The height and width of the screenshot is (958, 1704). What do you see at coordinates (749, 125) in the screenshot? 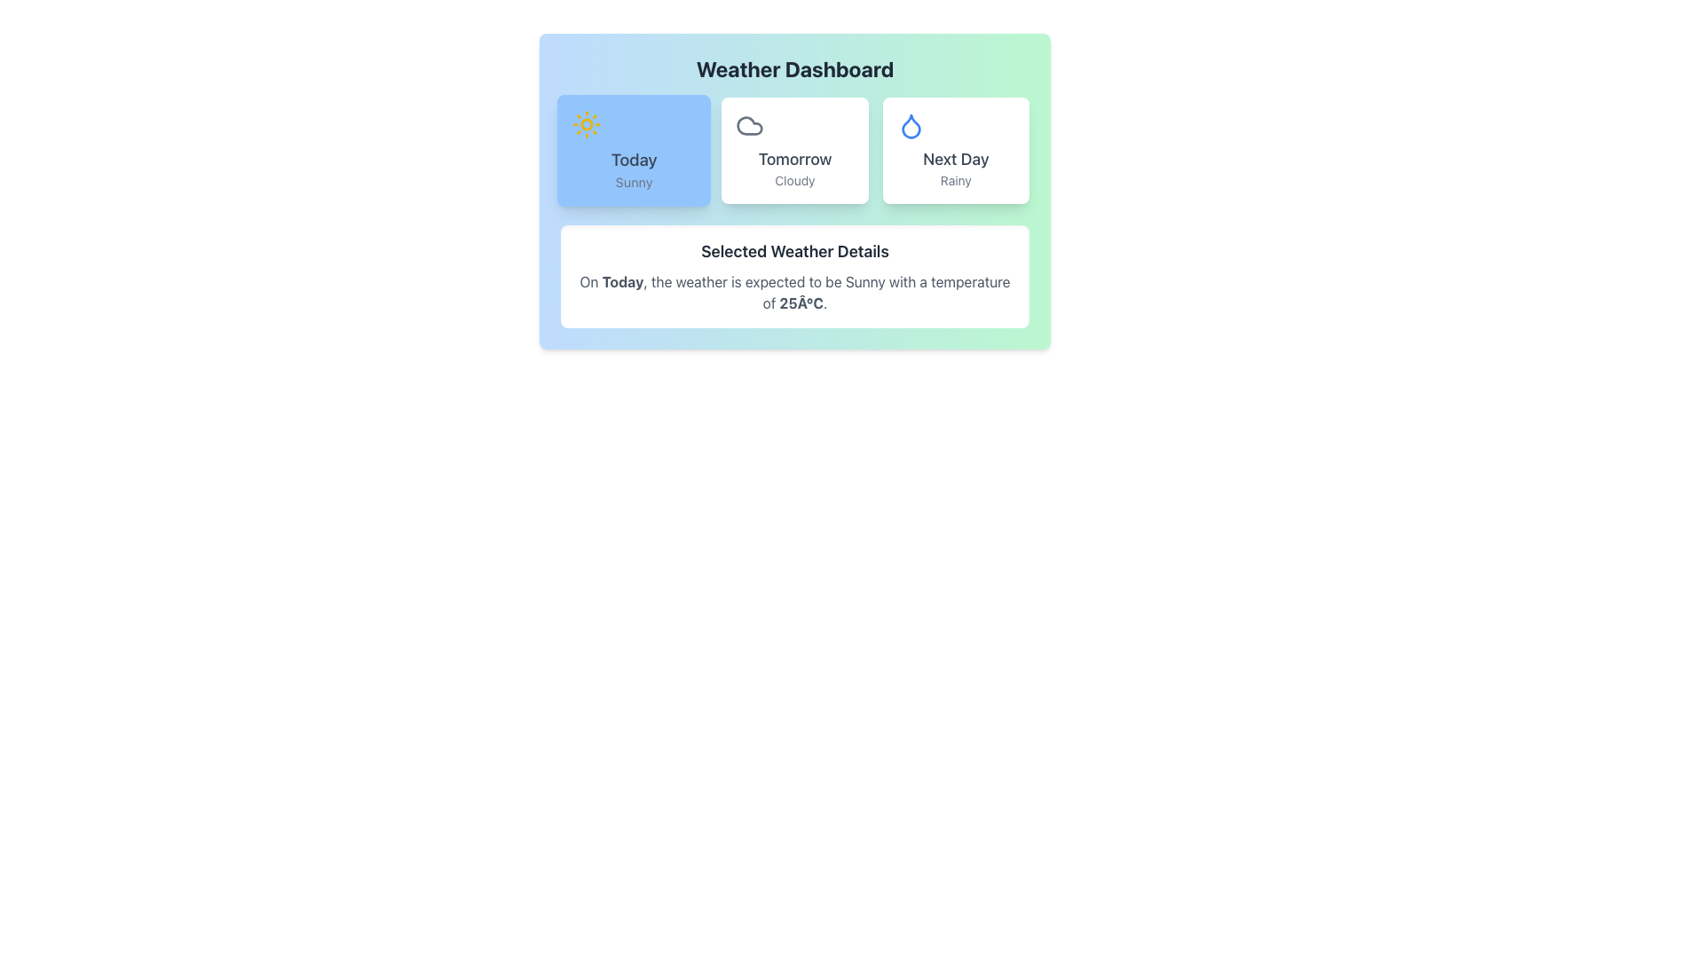
I see `the cloud icon in the 'Tomorrow' card of the Weather Dashboard, which serves as a visual indicator of cloudy weather` at bounding box center [749, 125].